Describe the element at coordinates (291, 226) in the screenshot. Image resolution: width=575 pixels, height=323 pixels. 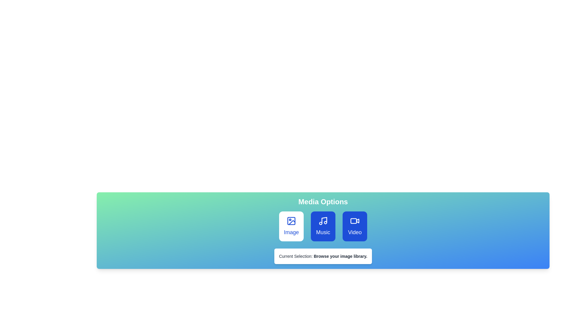
I see `the first button labeled 'Image' which is a rounded rectangular button with a white background and blue text, featuring an icon at the top` at that location.